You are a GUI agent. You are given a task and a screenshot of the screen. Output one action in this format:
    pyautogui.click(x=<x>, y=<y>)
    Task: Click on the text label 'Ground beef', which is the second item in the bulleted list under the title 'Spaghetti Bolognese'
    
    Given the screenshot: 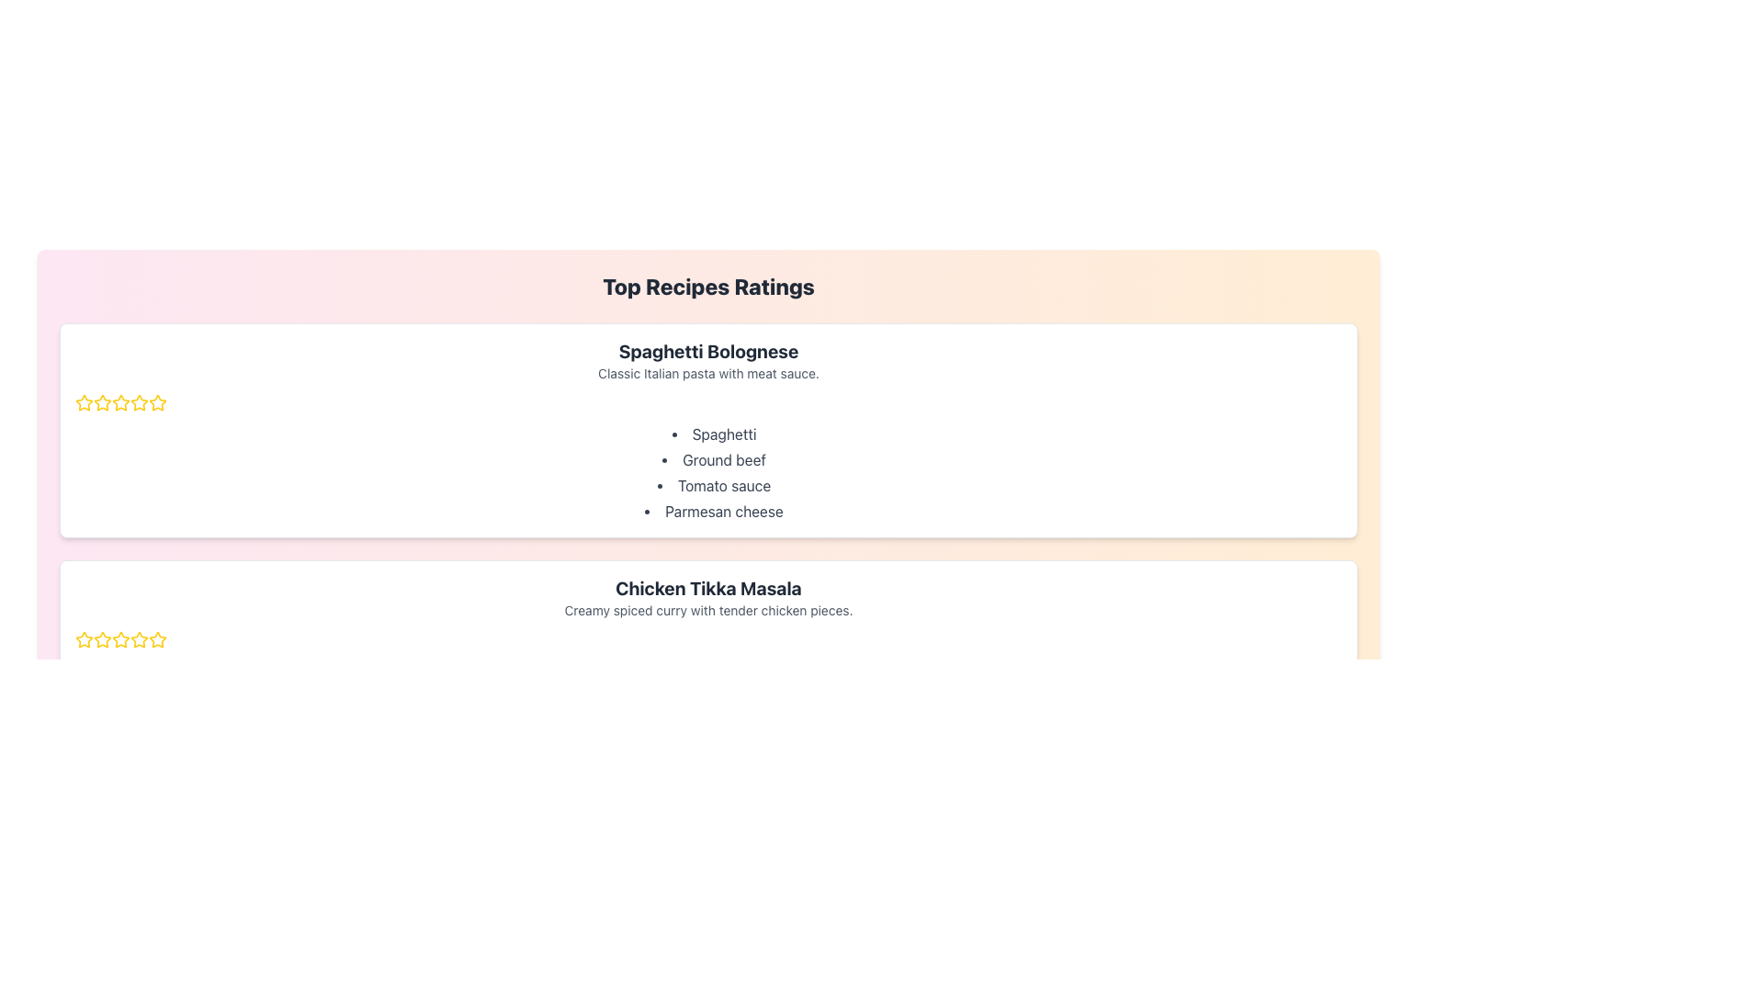 What is the action you would take?
    pyautogui.click(x=713, y=459)
    